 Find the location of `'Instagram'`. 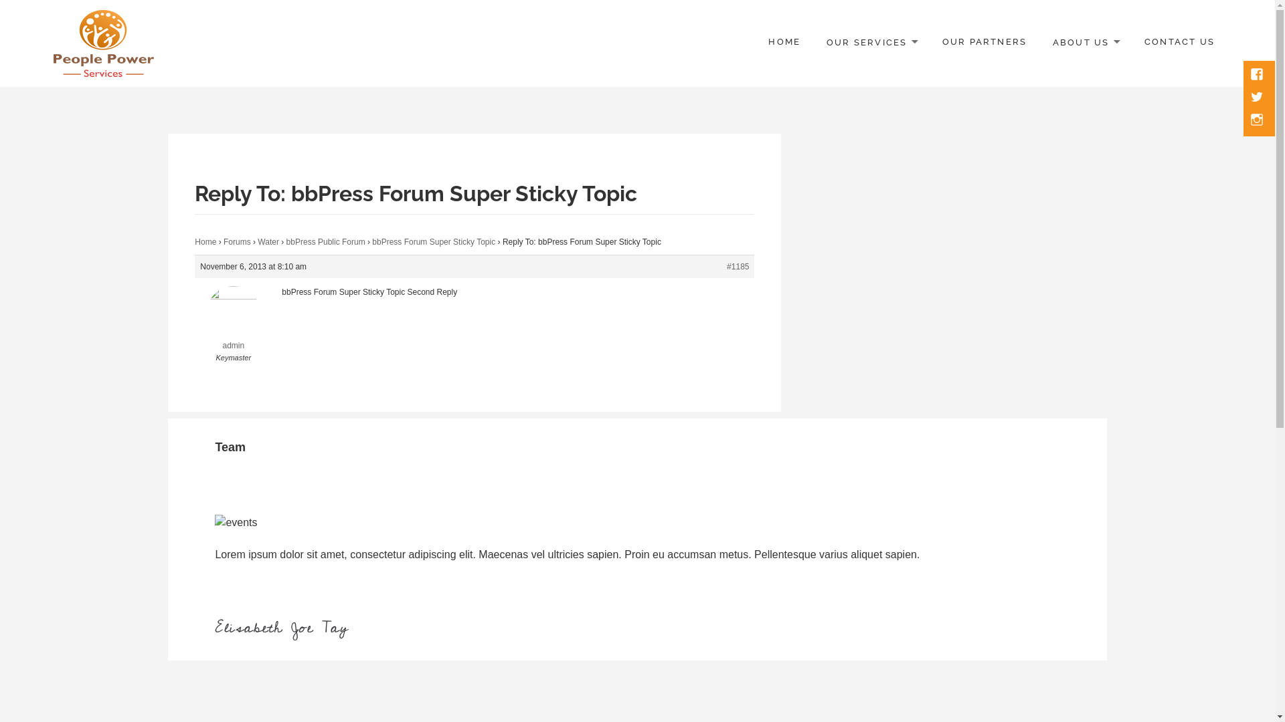

'Instagram' is located at coordinates (1258, 121).